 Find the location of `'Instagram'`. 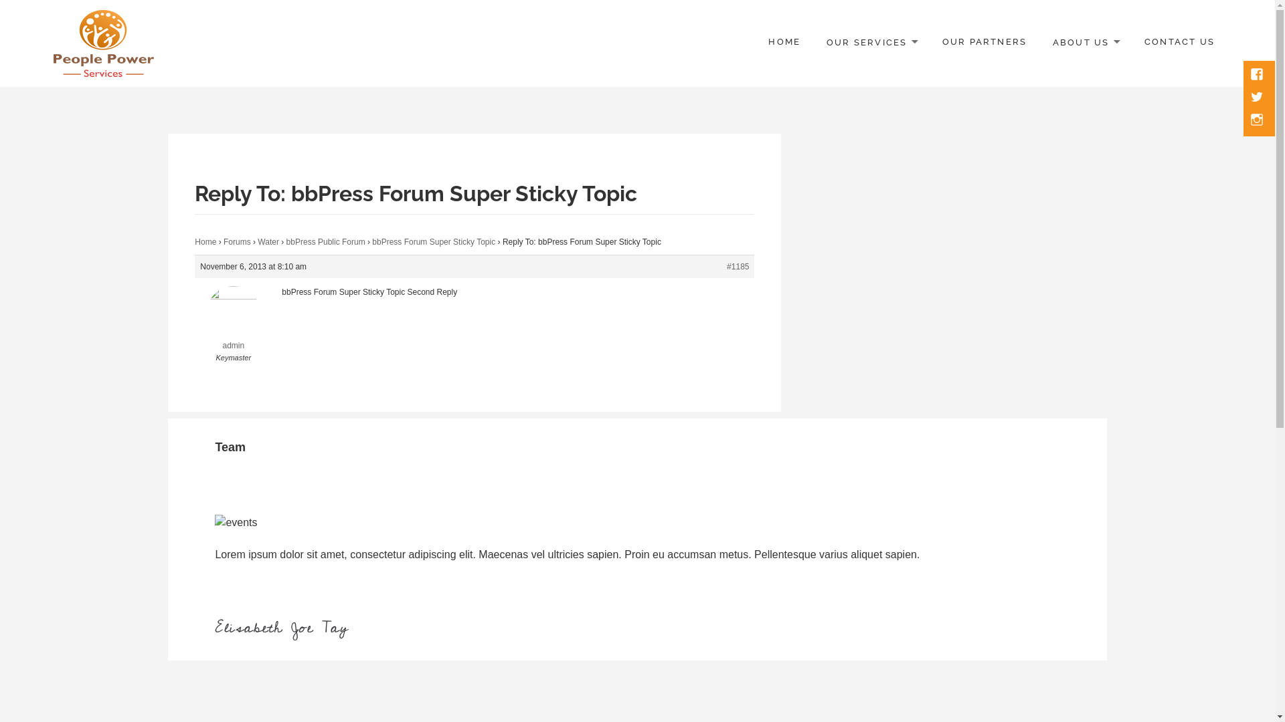

'Instagram' is located at coordinates (1258, 121).